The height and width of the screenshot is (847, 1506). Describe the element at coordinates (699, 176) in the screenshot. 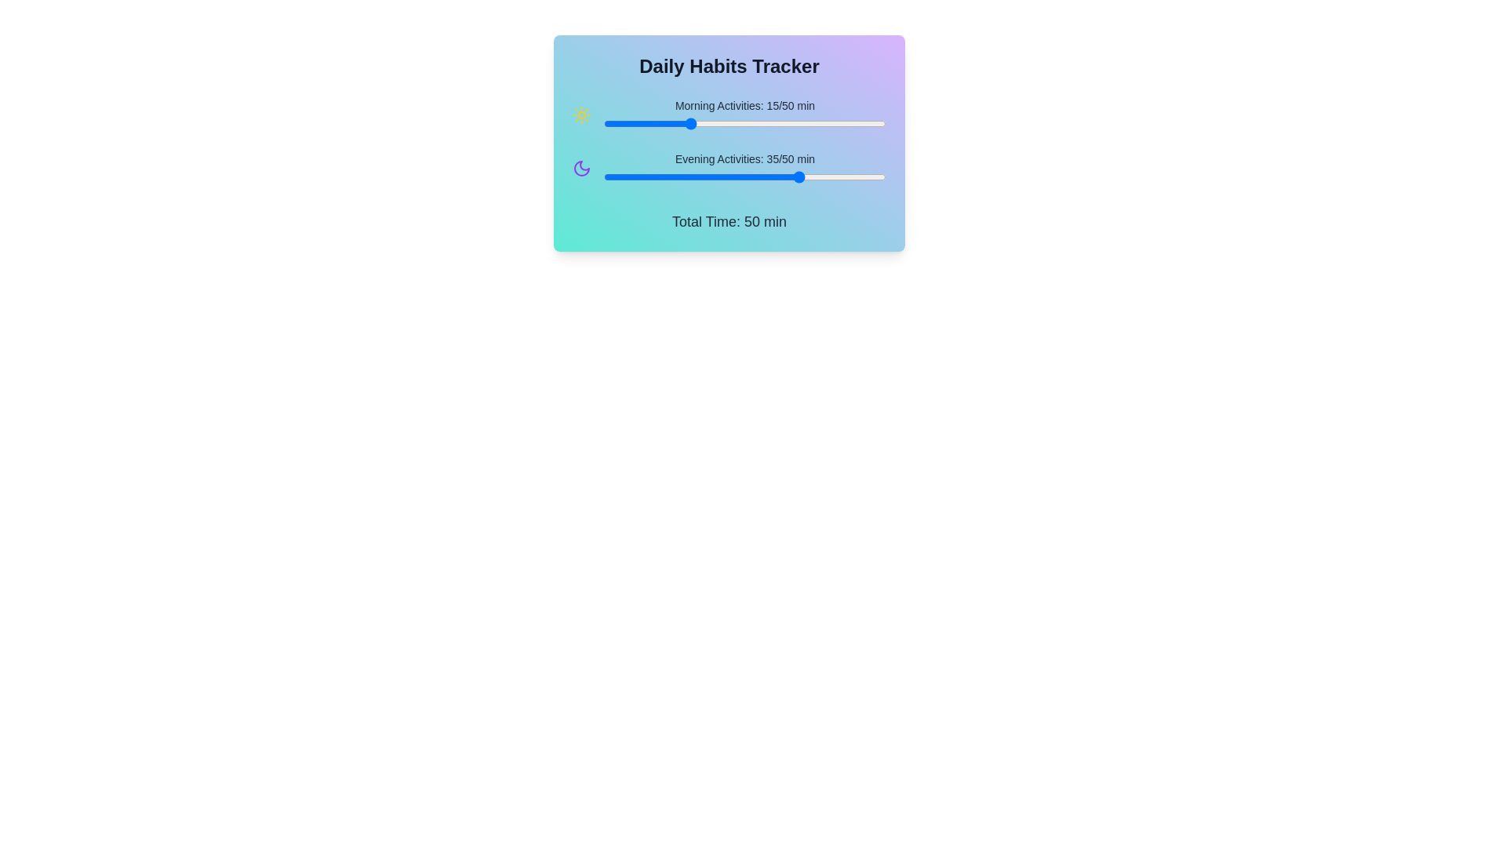

I see `evening activity time` at that location.